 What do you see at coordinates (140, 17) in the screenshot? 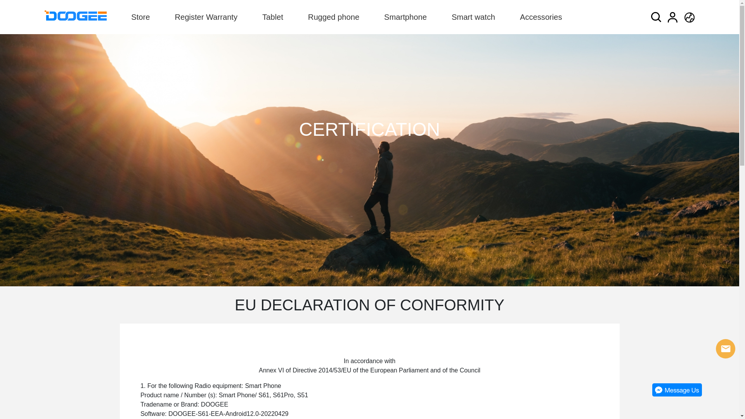
I see `'Store'` at bounding box center [140, 17].